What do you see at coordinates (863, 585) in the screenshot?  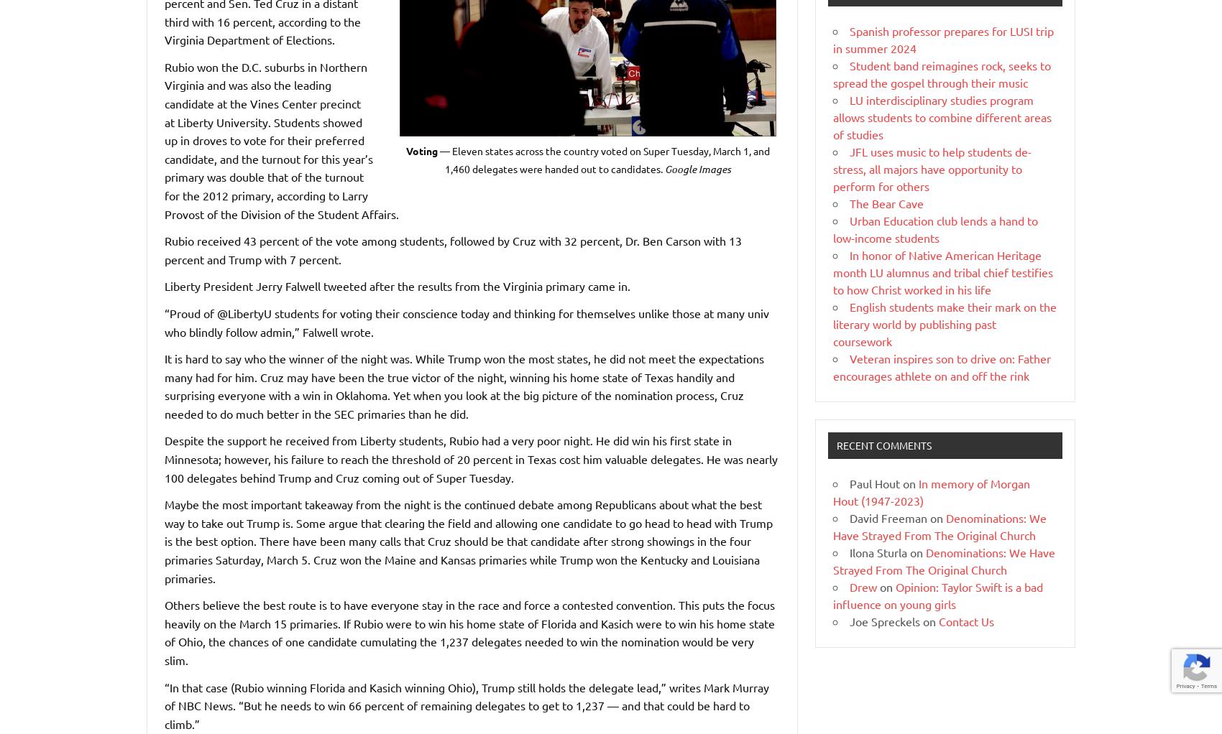 I see `'Drew'` at bounding box center [863, 585].